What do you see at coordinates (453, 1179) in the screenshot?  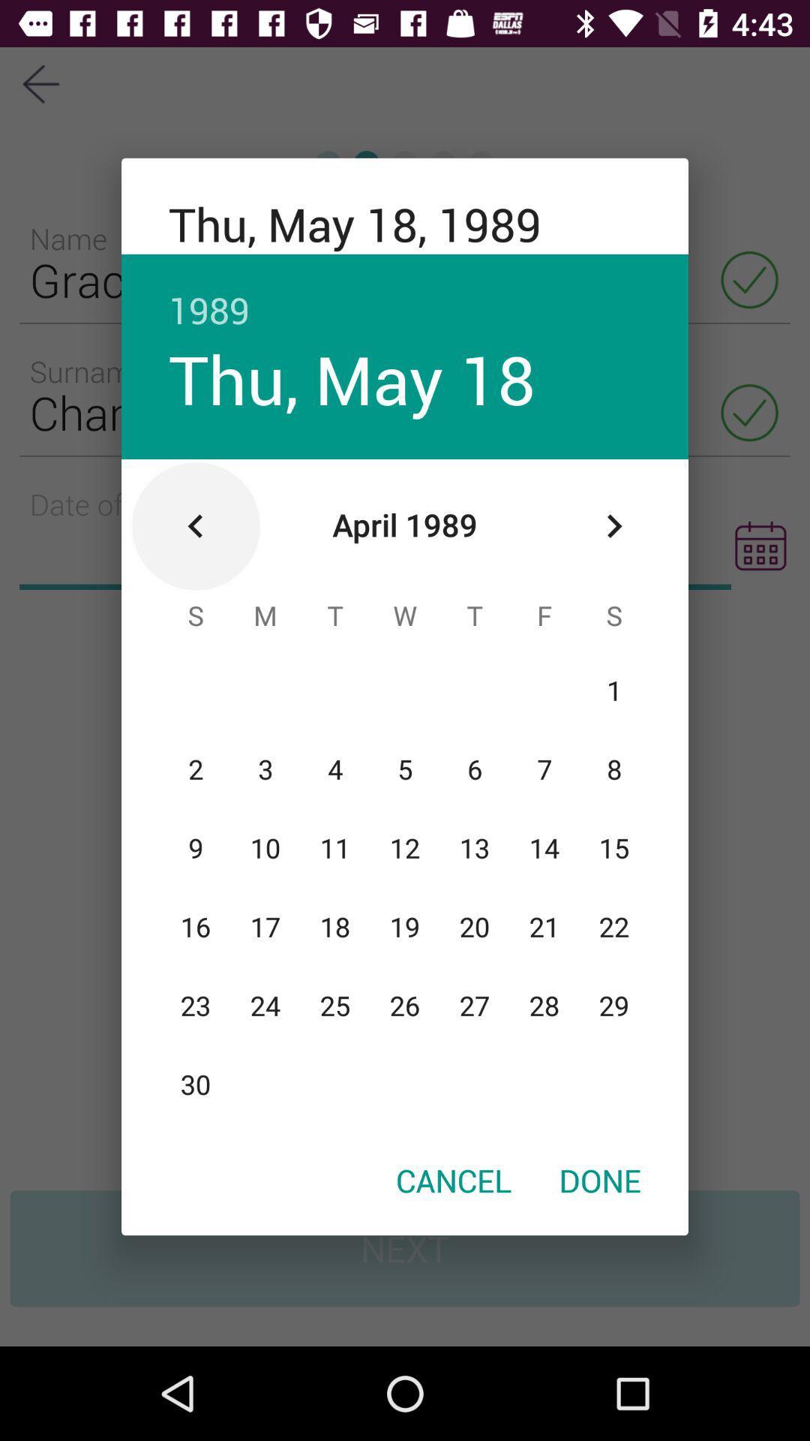 I see `the icon at the bottom` at bounding box center [453, 1179].